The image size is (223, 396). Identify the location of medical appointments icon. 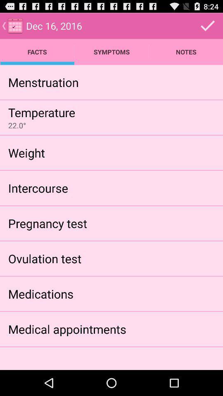
(66, 329).